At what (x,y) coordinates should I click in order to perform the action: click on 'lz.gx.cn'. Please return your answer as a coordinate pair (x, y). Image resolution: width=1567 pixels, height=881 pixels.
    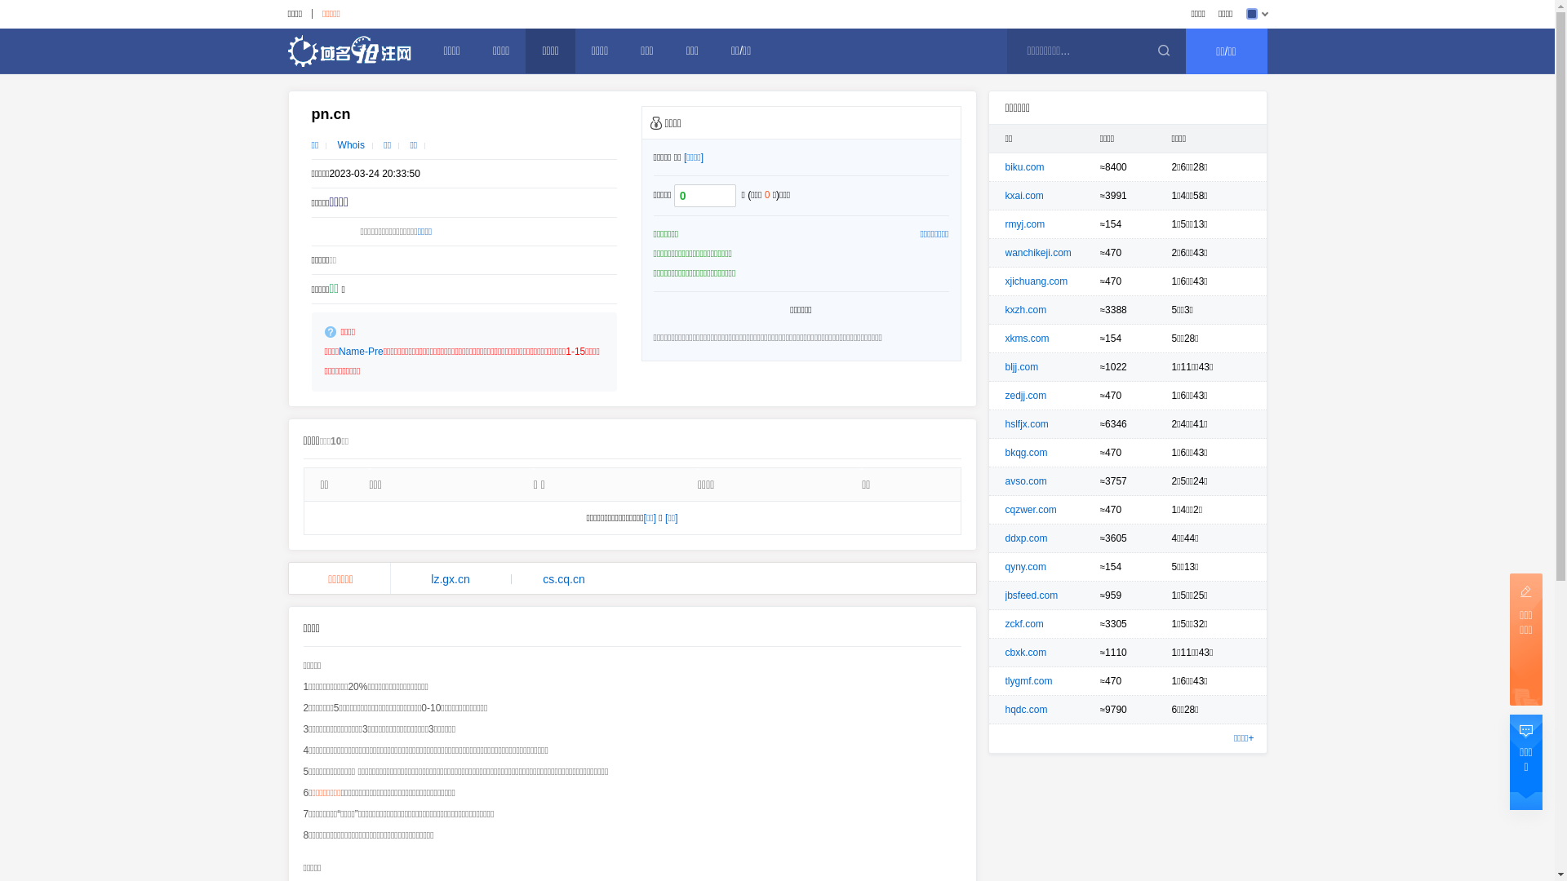
    Looking at the image, I should click on (450, 578).